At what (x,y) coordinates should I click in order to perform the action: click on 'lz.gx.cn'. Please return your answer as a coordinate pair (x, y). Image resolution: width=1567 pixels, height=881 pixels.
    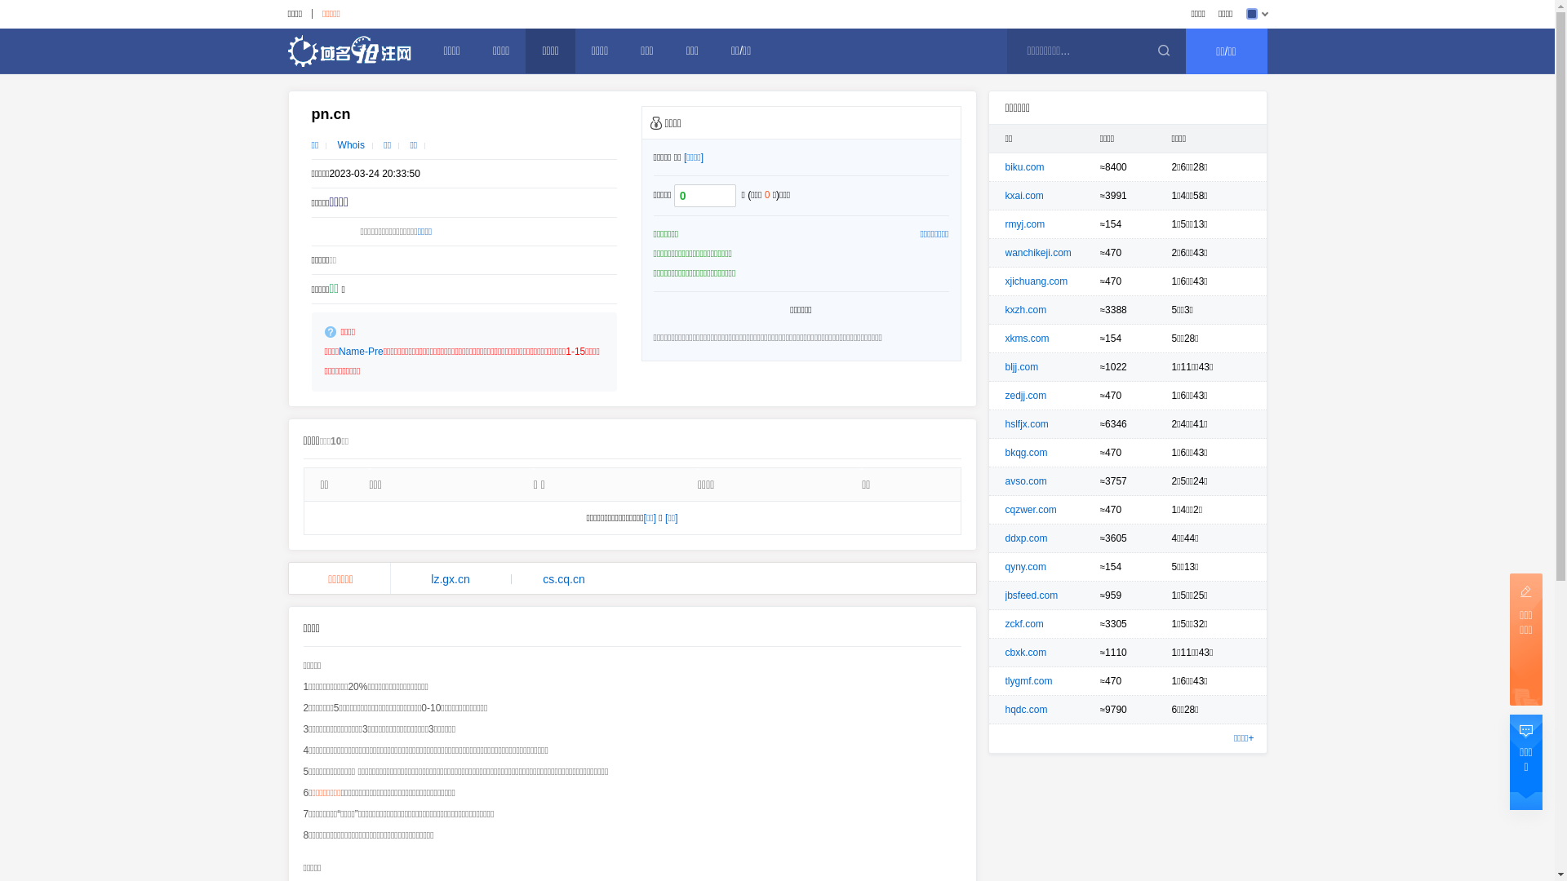
    Looking at the image, I should click on (450, 578).